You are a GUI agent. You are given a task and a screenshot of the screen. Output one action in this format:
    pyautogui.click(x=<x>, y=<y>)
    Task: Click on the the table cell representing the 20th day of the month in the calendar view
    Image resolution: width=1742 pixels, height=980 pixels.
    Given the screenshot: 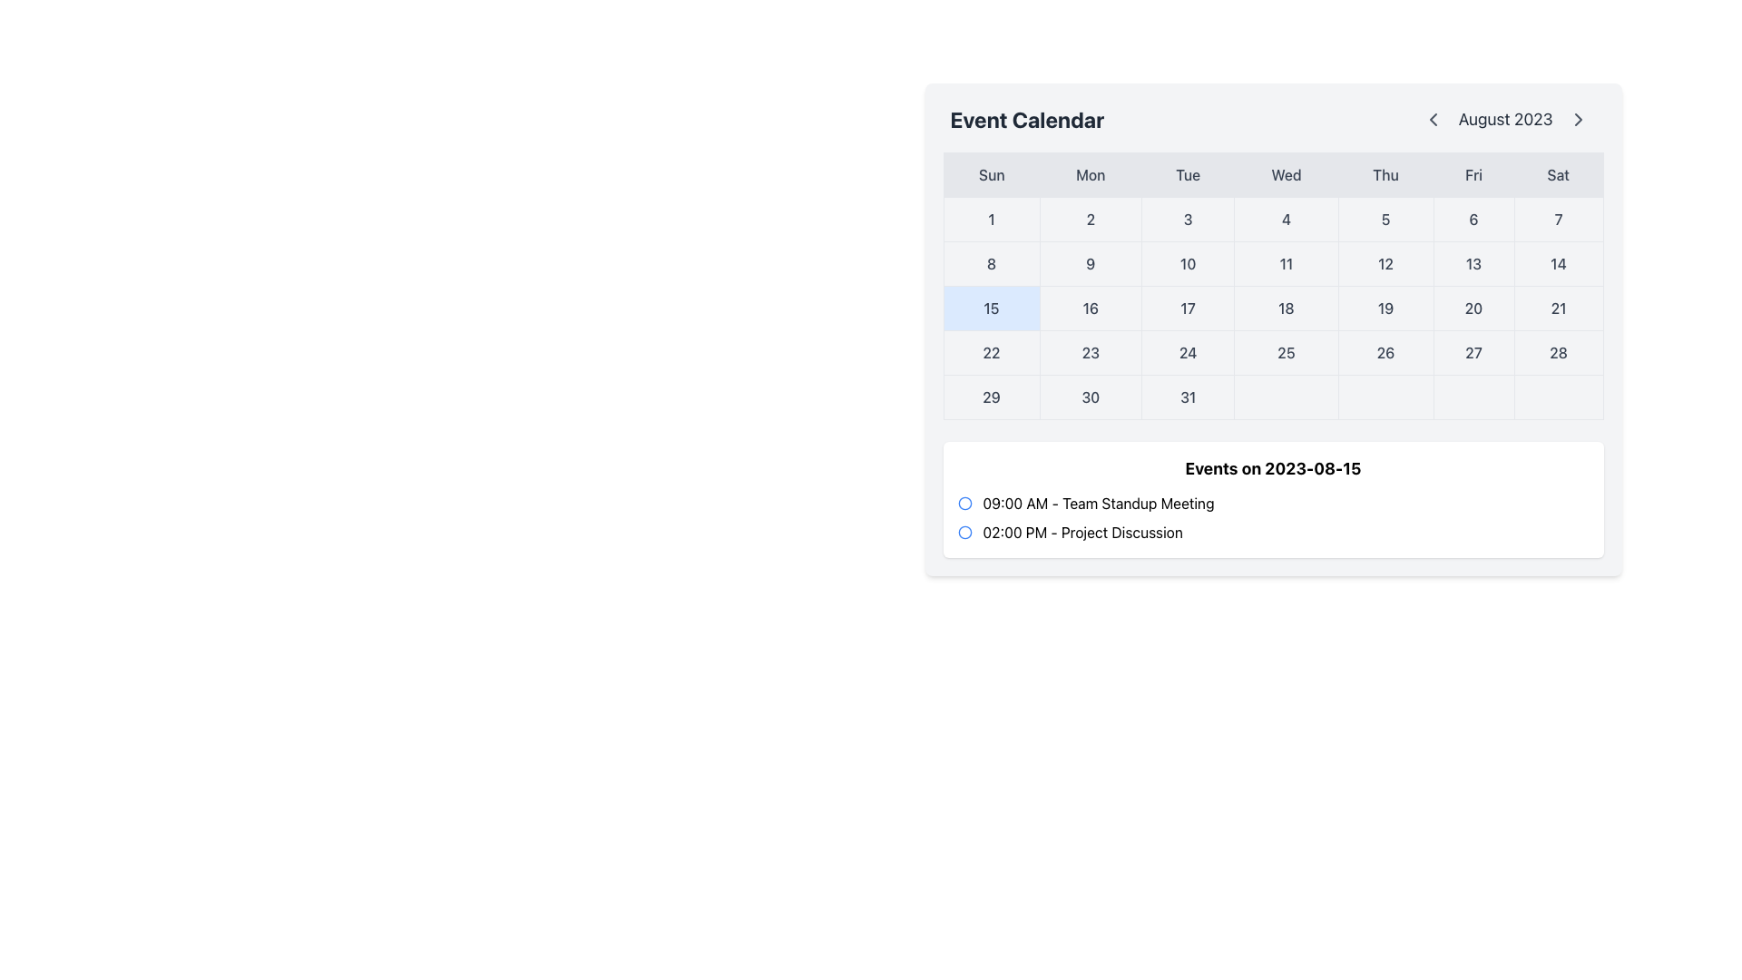 What is the action you would take?
    pyautogui.click(x=1473, y=307)
    